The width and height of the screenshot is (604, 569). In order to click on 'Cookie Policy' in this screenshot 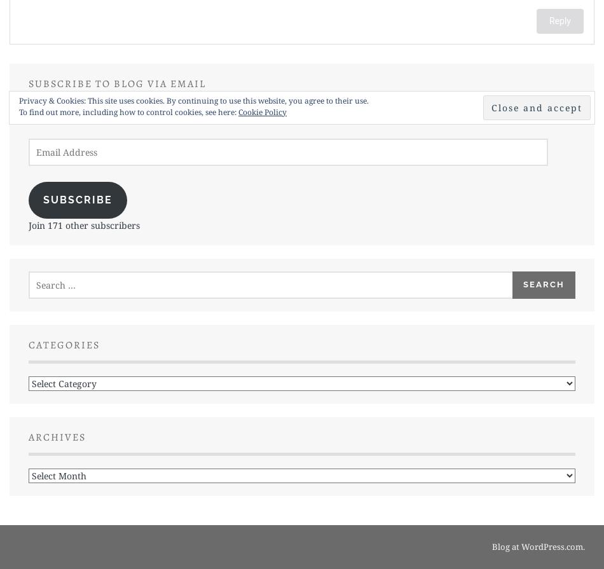, I will do `click(261, 112)`.